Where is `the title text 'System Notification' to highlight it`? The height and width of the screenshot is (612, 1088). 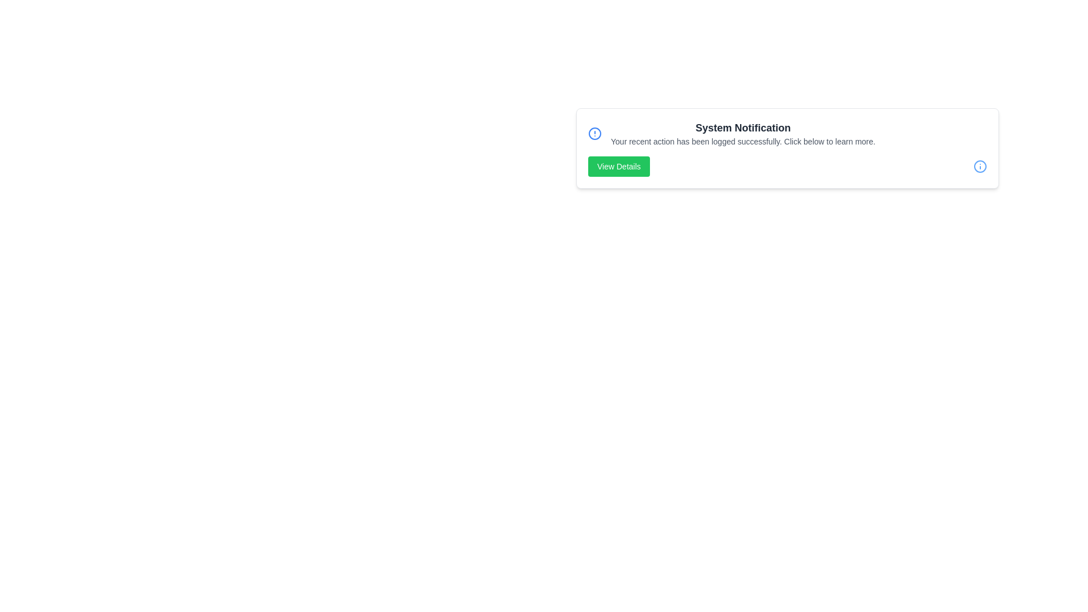
the title text 'System Notification' to highlight it is located at coordinates (742, 127).